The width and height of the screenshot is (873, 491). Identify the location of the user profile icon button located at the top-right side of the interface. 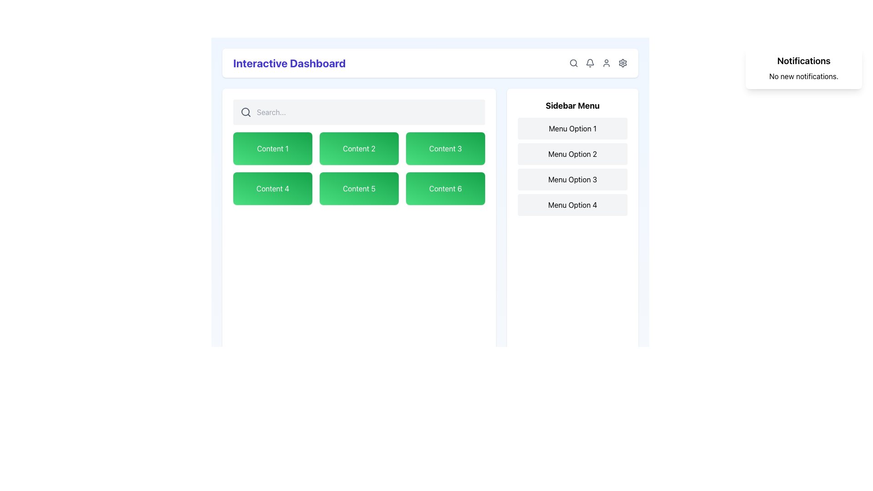
(598, 62).